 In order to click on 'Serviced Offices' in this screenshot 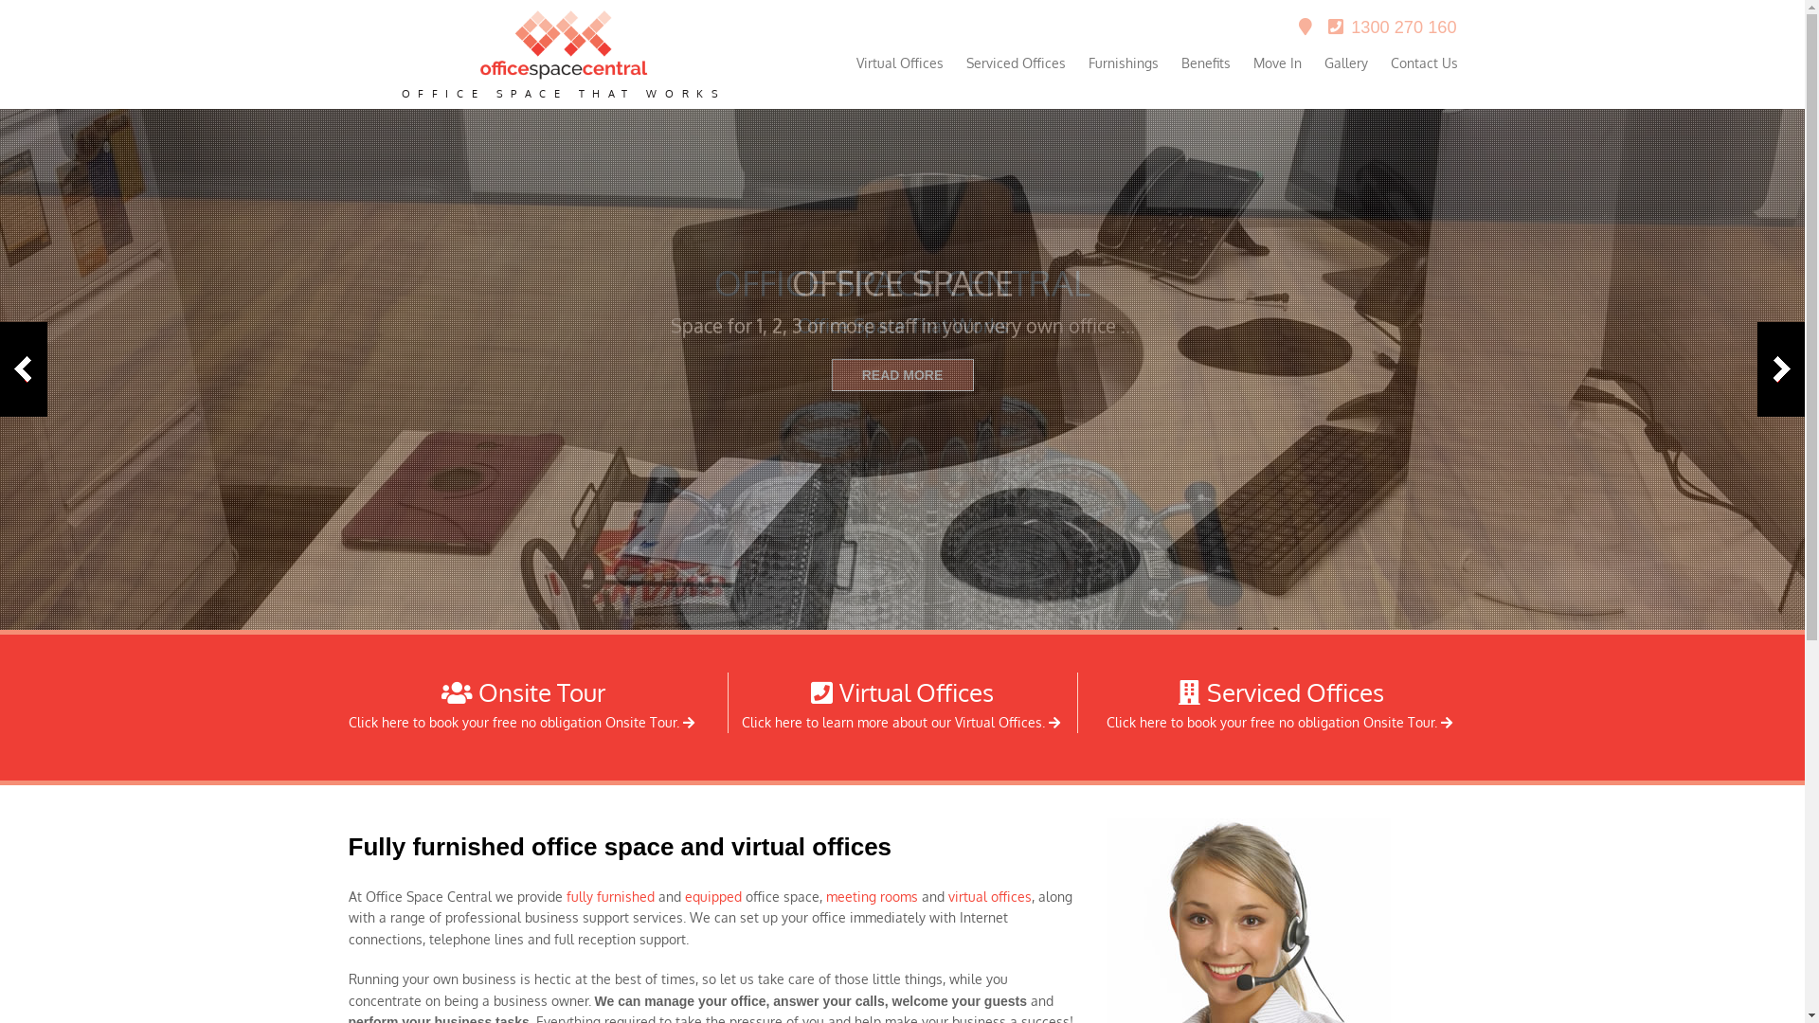, I will do `click(1015, 62)`.